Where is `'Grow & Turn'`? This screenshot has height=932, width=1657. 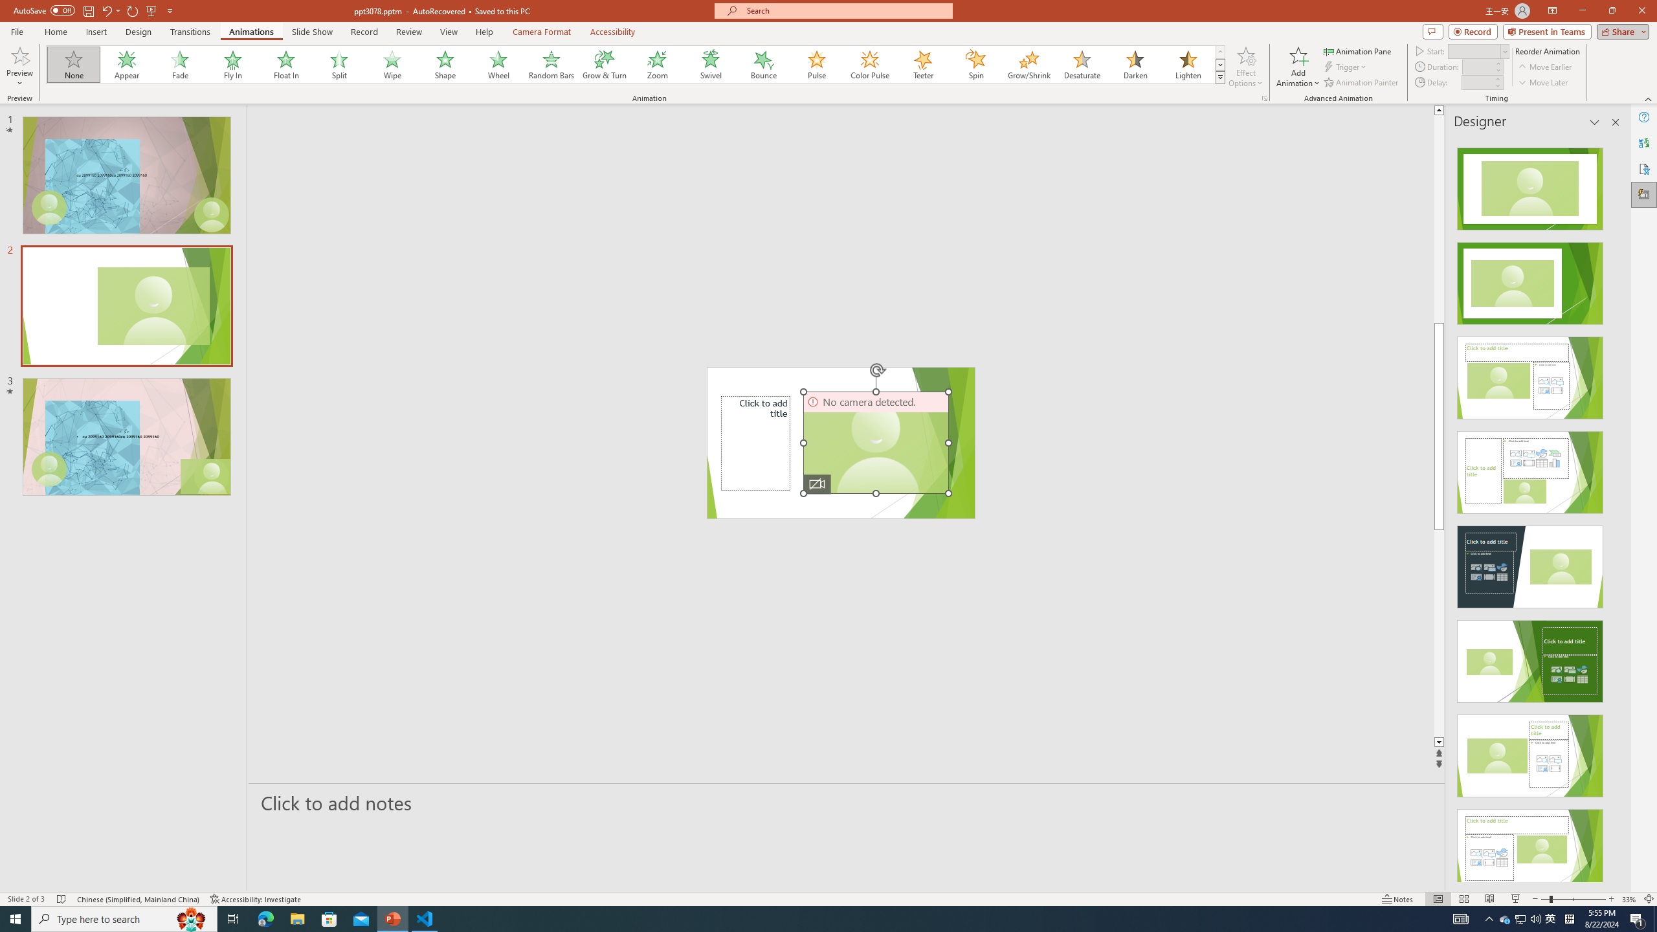
'Grow & Turn' is located at coordinates (604, 64).